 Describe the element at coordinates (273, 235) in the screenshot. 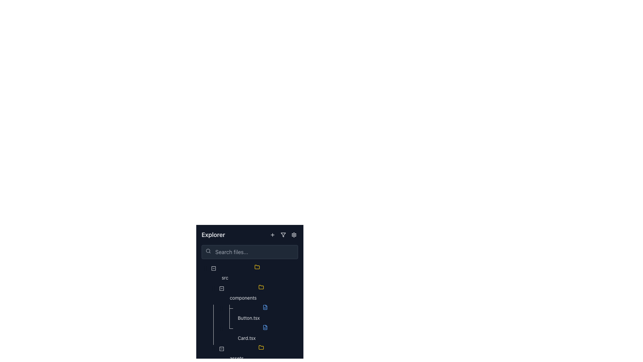

I see `the leftmost button with an icon in the top-right corner of the 'Explorer' panel to change its background color` at that location.